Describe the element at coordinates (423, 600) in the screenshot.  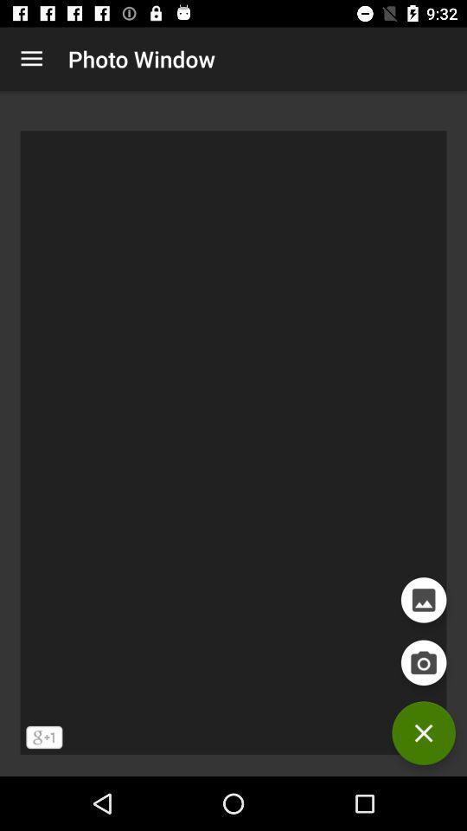
I see `the wallpaper icon` at that location.